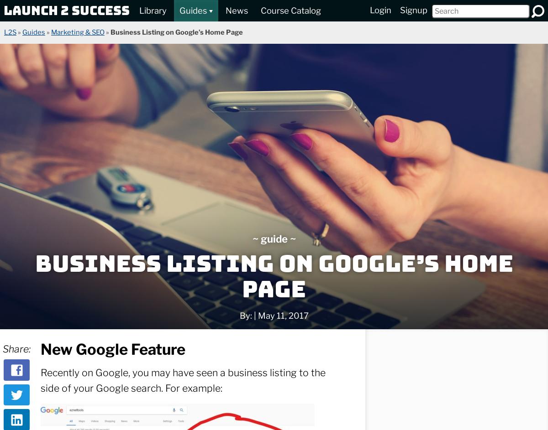 The image size is (548, 430). I want to click on 'Oh, and there's a free trial!', so click(390, 226).